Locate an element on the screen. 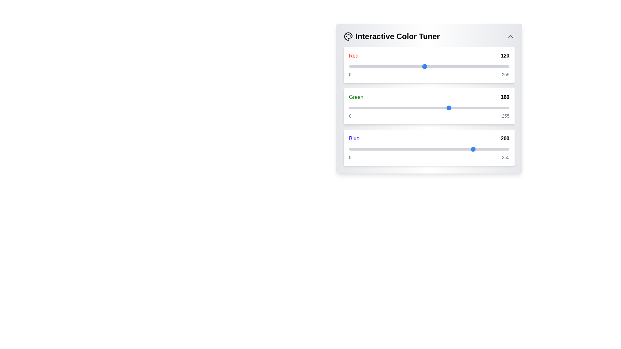 The image size is (621, 349). the Blue slider value is located at coordinates (399, 149).